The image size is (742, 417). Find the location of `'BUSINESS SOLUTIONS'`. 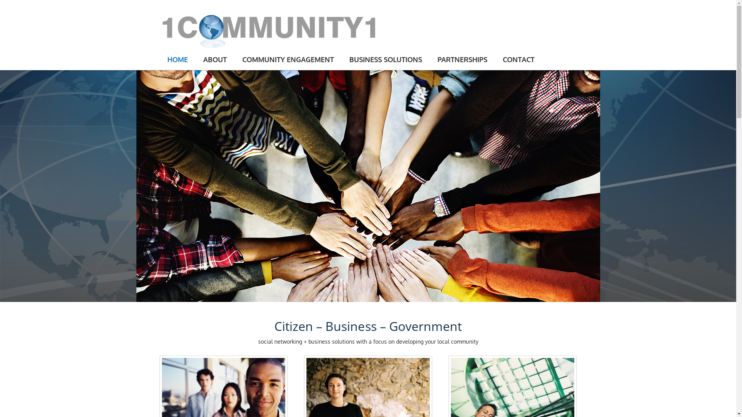

'BUSINESS SOLUTIONS' is located at coordinates (341, 59).